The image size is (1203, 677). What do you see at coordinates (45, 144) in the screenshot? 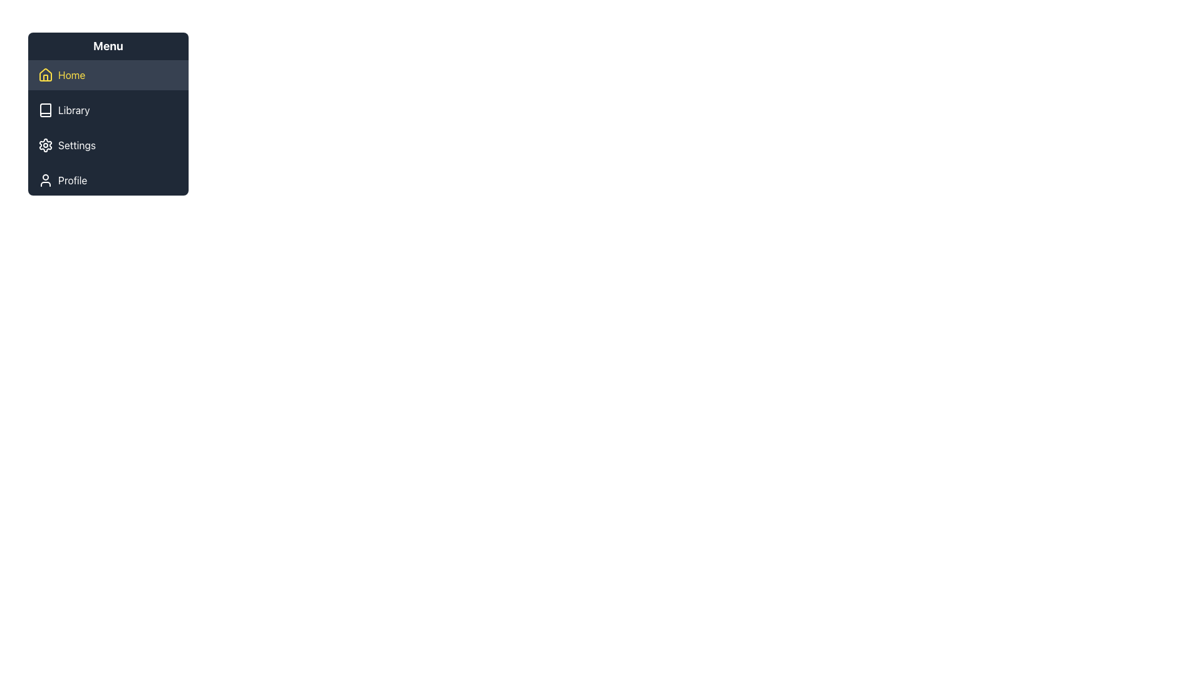
I see `the 'Settings' icon located at the far left next to the text label to highlight the settings menu` at bounding box center [45, 144].